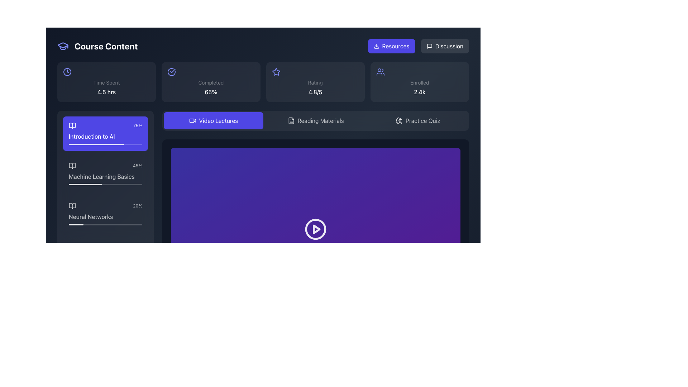 This screenshot has width=688, height=387. What do you see at coordinates (315, 229) in the screenshot?
I see `the play button located in the purple content section under the 'Video Lectures' label to receive visual feedback` at bounding box center [315, 229].